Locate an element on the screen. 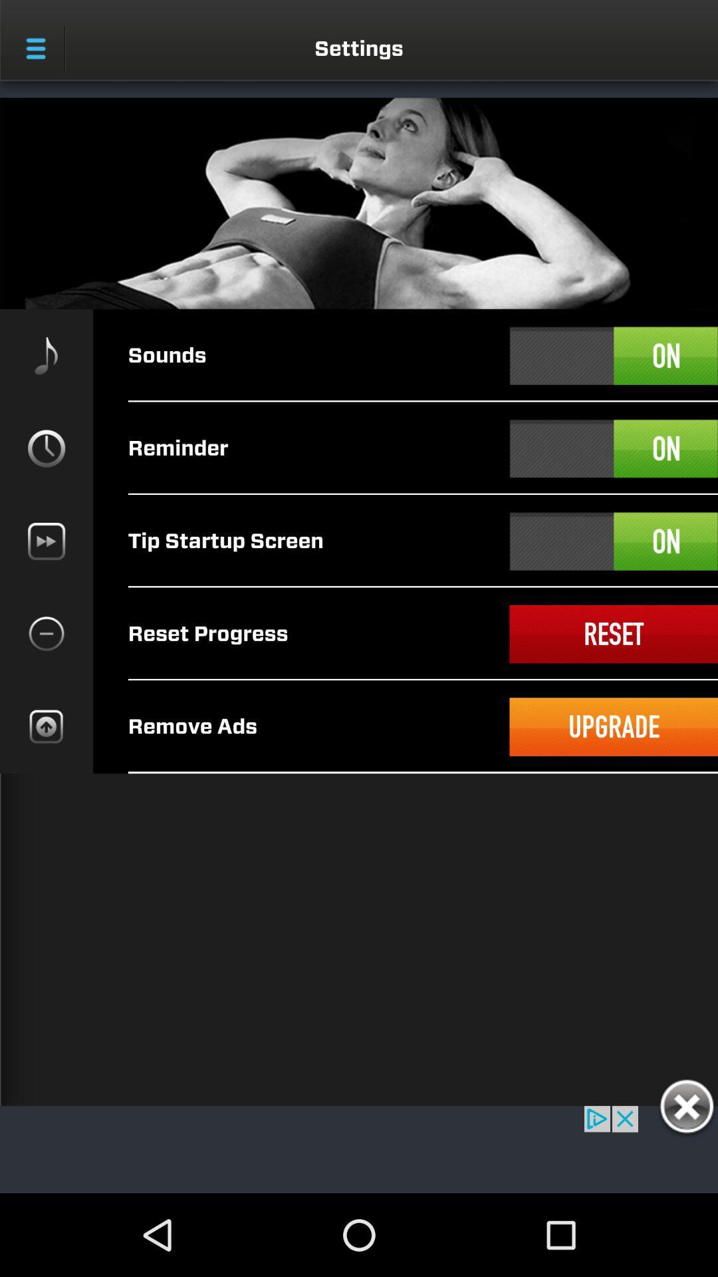  the menu icon is located at coordinates (35, 49).